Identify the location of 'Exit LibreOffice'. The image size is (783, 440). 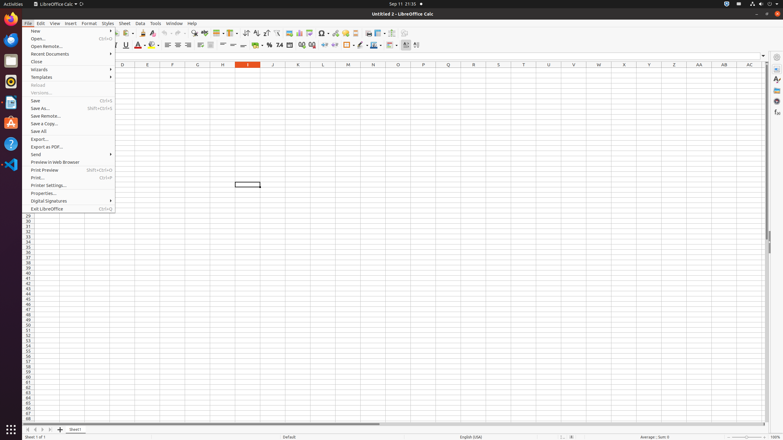
(69, 208).